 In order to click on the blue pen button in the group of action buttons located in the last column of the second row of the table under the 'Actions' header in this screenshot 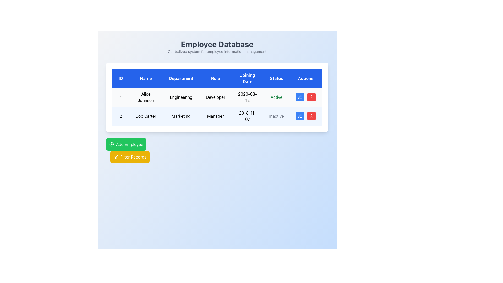, I will do `click(305, 116)`.